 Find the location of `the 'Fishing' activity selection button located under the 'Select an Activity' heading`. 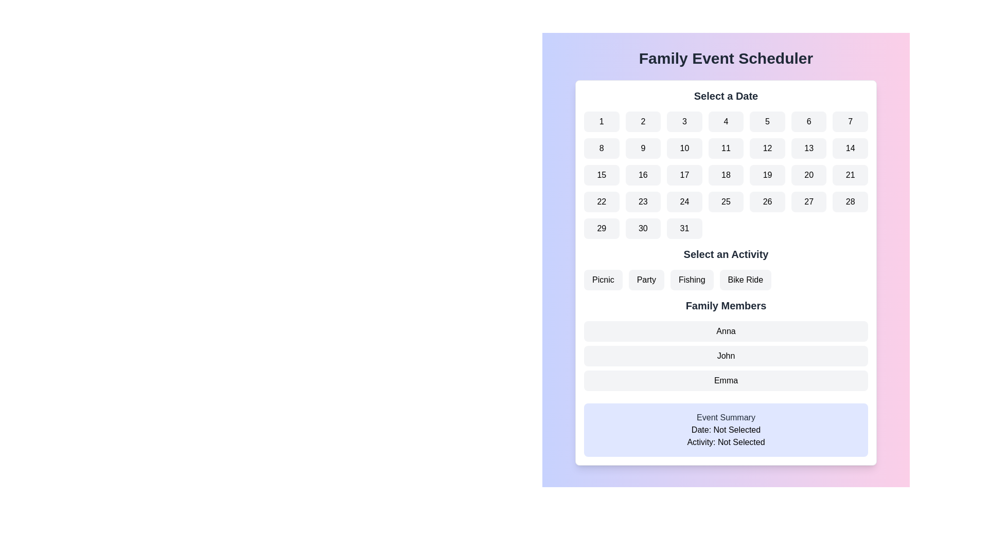

the 'Fishing' activity selection button located under the 'Select an Activity' heading is located at coordinates (692, 280).